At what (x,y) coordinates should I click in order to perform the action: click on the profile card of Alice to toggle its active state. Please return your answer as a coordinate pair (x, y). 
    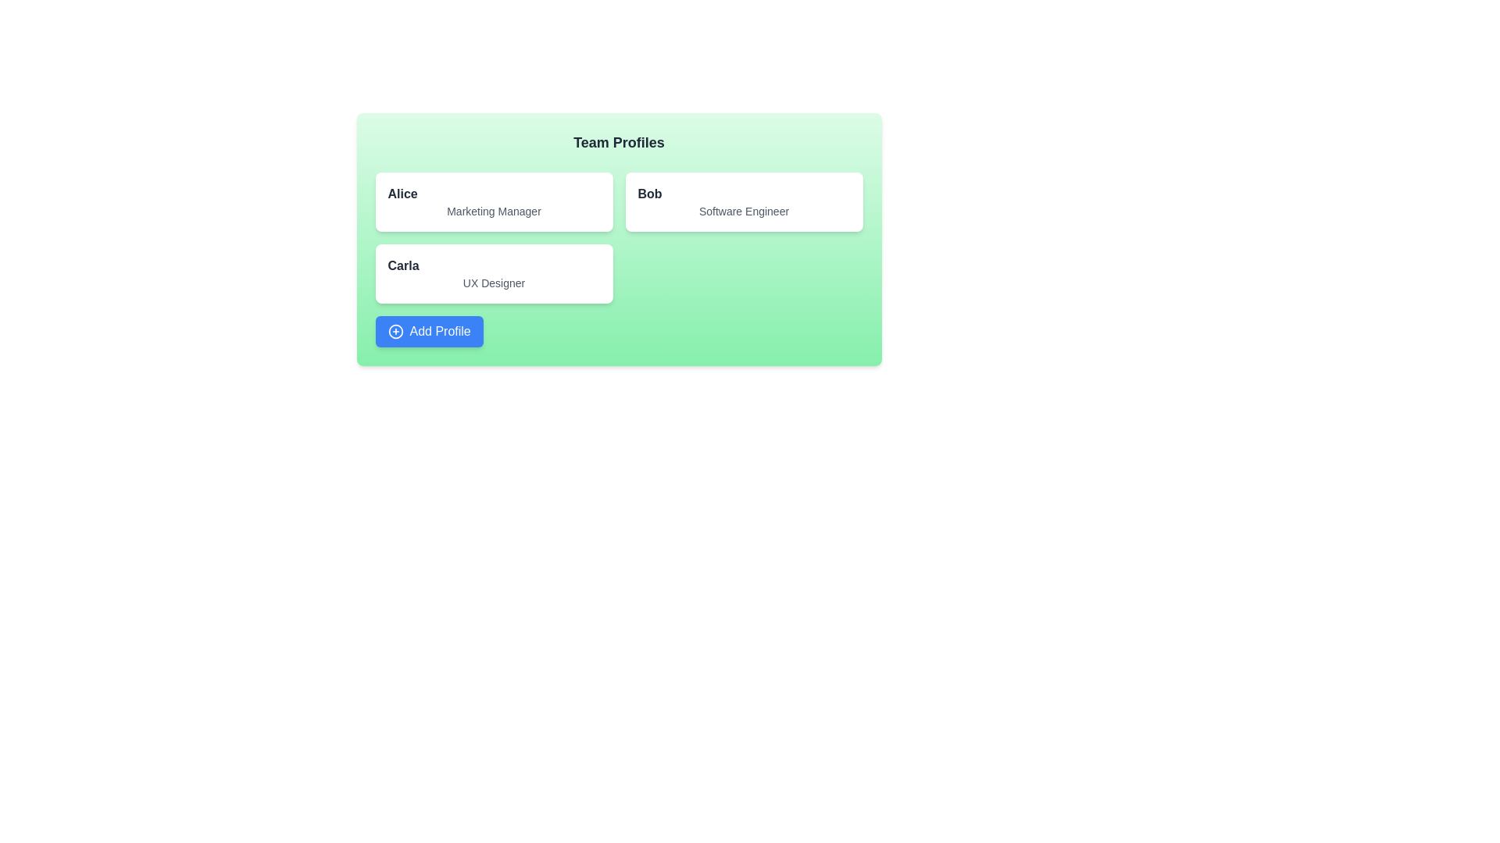
    Looking at the image, I should click on (493, 201).